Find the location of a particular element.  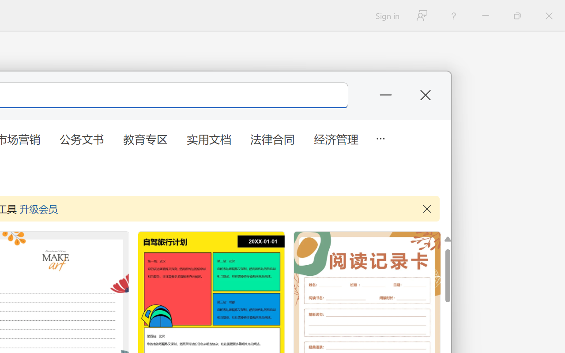

'Sign in' is located at coordinates (387, 15).